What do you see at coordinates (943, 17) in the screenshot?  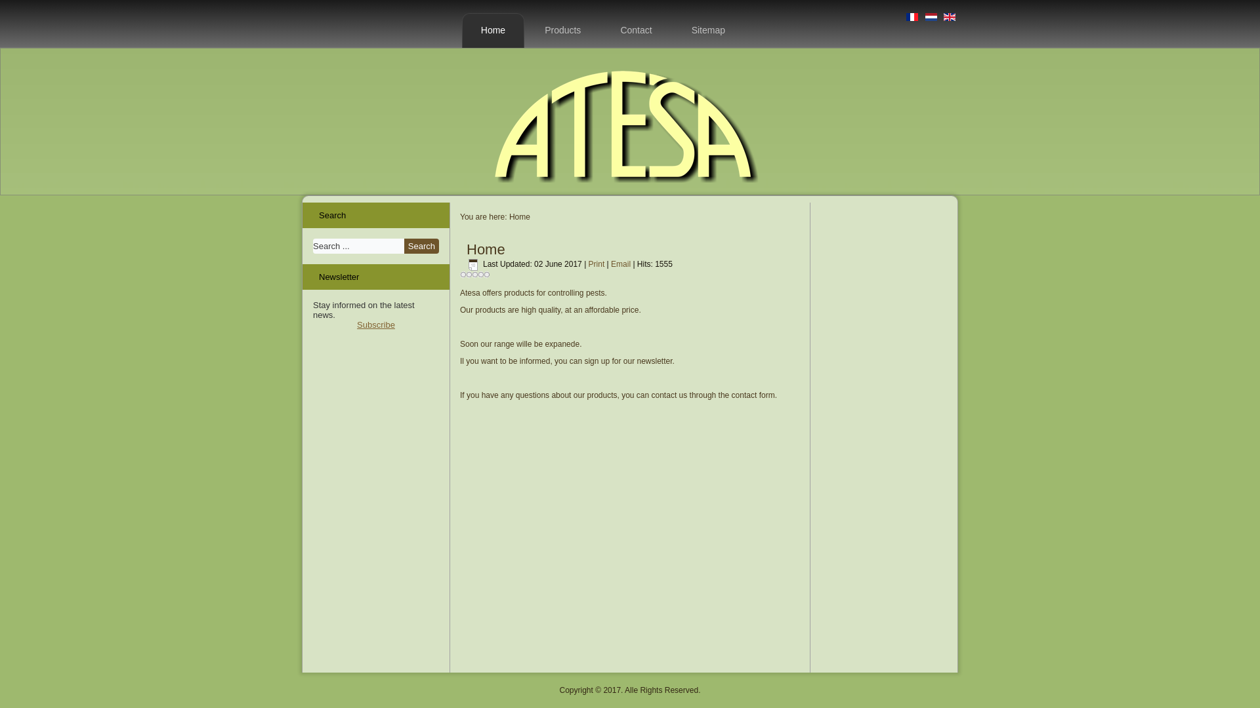 I see `'English (UK)'` at bounding box center [943, 17].